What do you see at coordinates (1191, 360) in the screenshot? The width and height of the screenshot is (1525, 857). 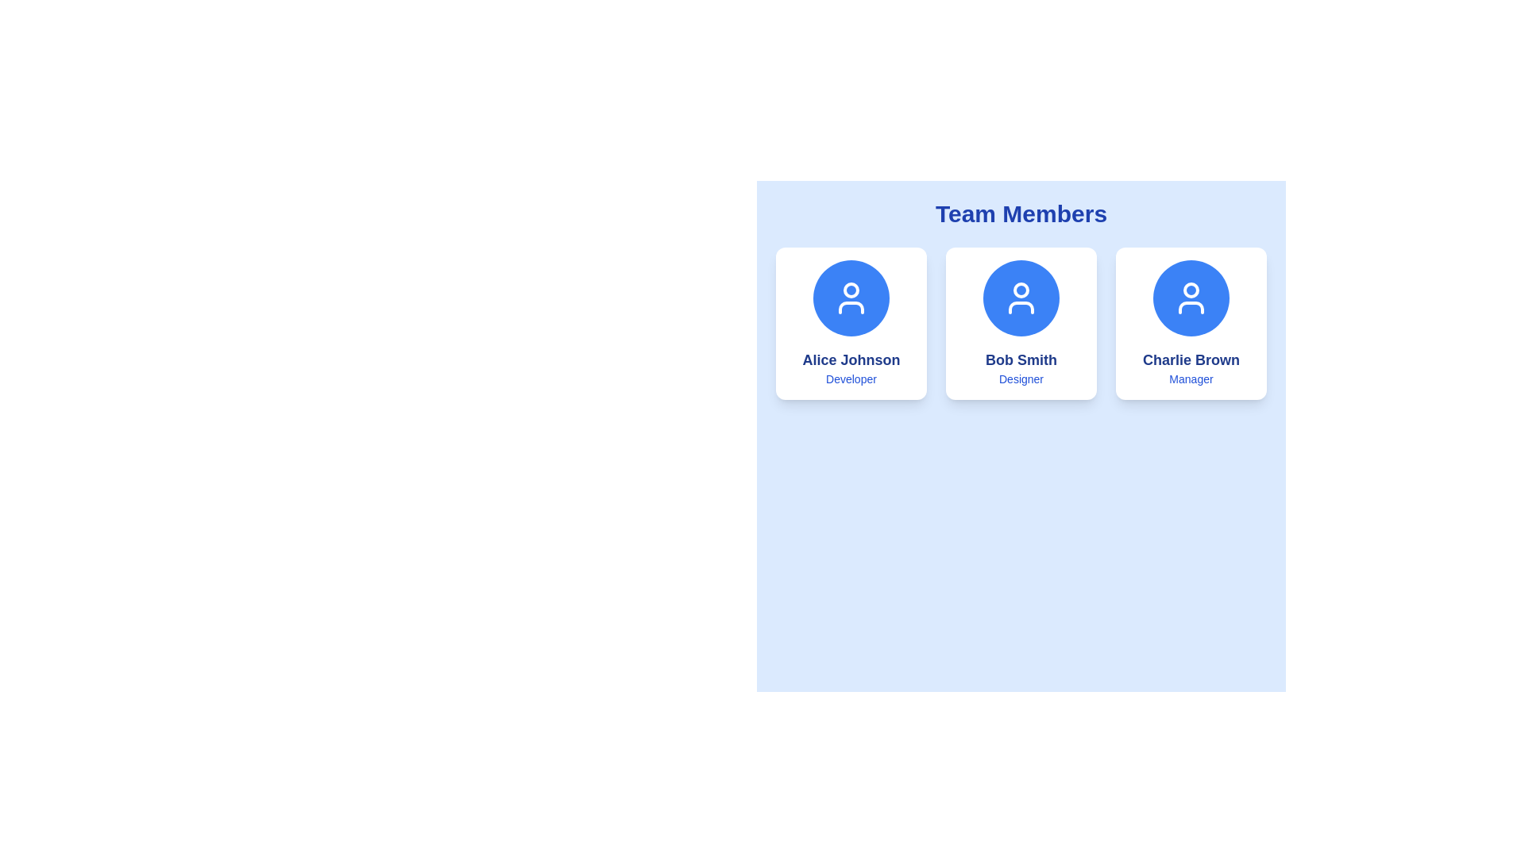 I see `the text label displaying 'Charlie Brown' located in the third card from the left under 'Team Members'` at bounding box center [1191, 360].